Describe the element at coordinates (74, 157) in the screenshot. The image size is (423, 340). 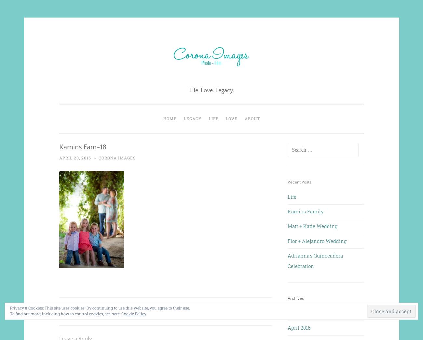
I see `'April 20, 2016'` at that location.